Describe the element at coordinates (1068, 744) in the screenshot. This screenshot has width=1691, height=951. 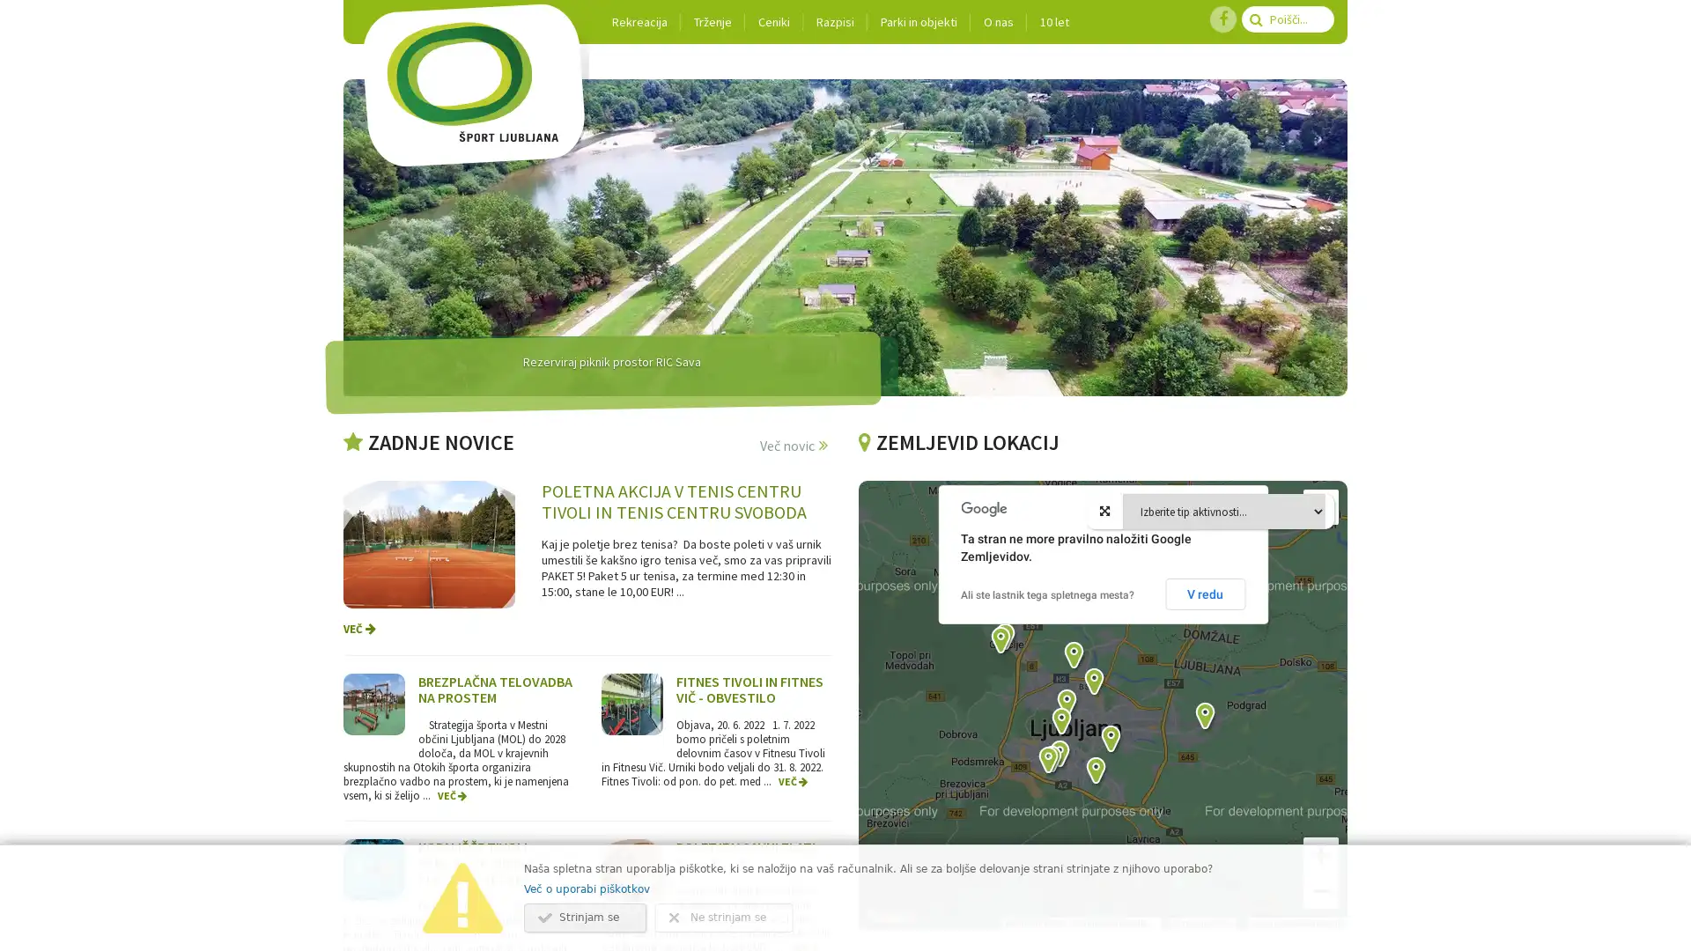
I see `Kako do nas?` at that location.